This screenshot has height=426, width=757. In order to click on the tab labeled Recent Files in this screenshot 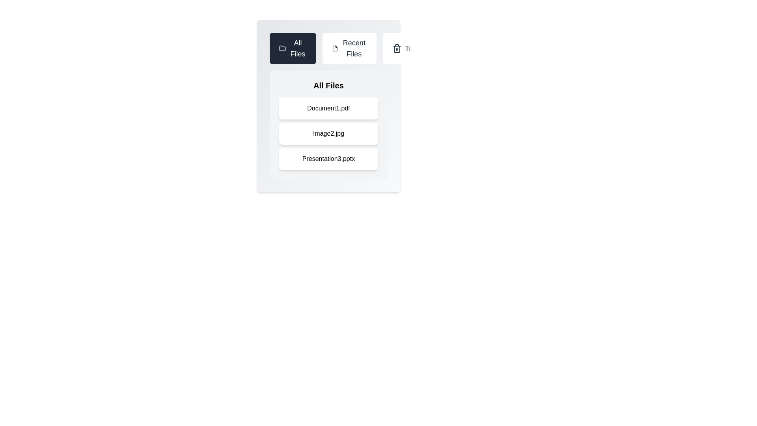, I will do `click(349, 49)`.